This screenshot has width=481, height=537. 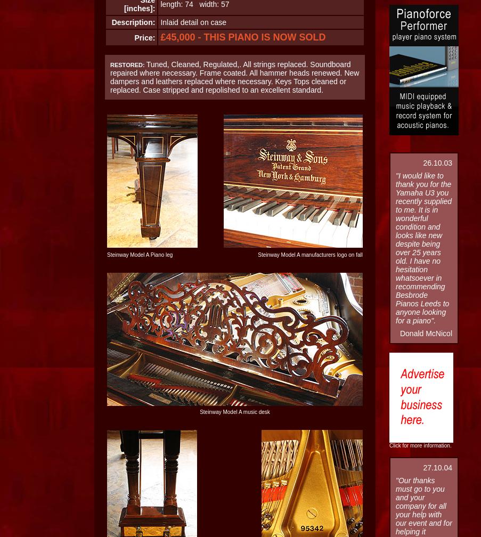 I want to click on 'Steinway Model A music desk', so click(x=234, y=412).